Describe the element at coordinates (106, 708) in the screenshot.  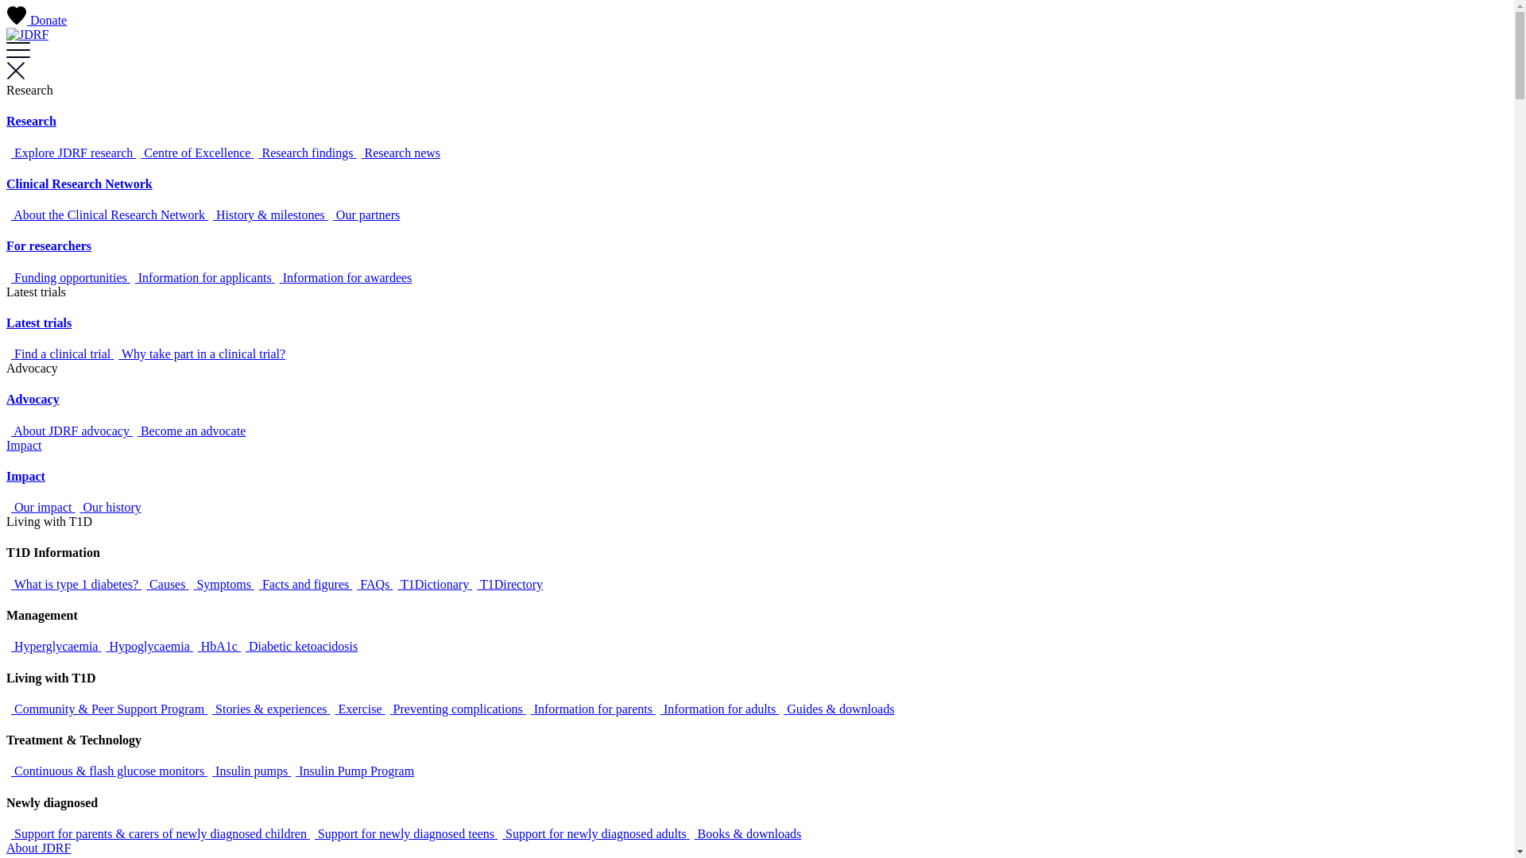
I see `'Community & Peer Support Program'` at that location.